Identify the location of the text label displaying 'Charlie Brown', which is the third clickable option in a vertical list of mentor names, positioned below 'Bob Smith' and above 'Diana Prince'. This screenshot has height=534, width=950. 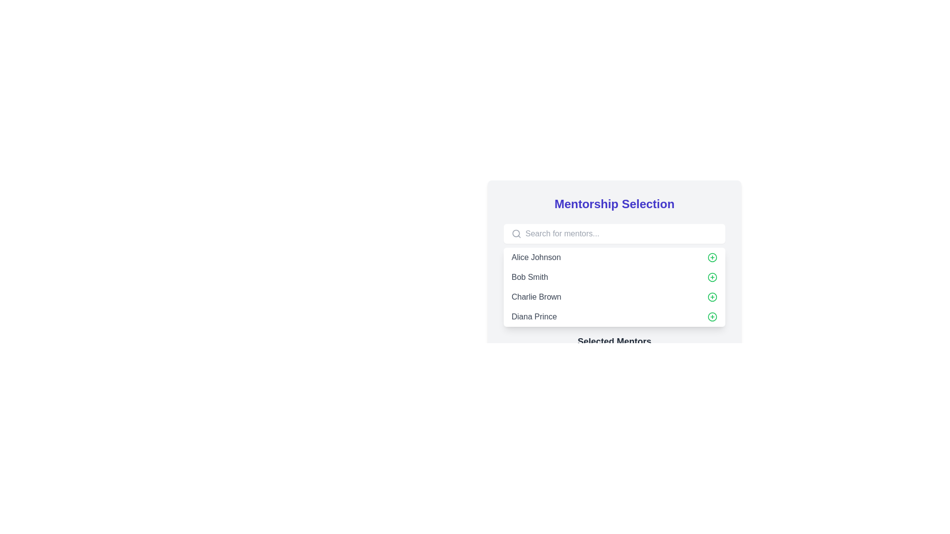
(536, 297).